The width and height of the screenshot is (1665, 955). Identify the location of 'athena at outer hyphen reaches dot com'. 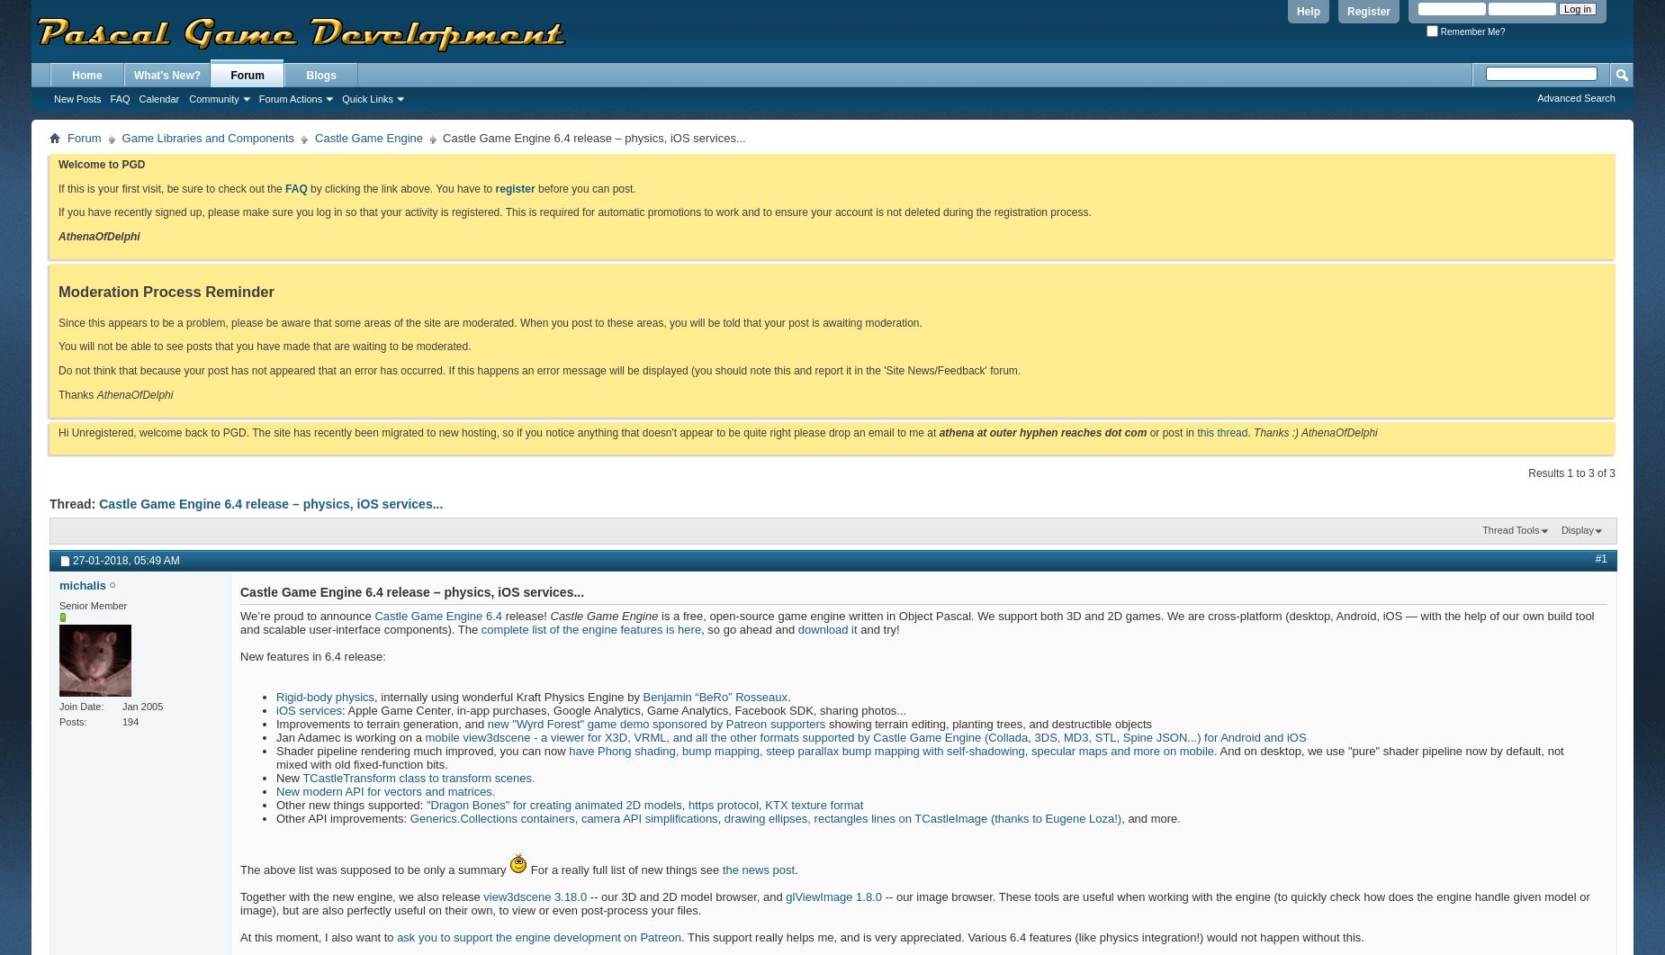
(938, 431).